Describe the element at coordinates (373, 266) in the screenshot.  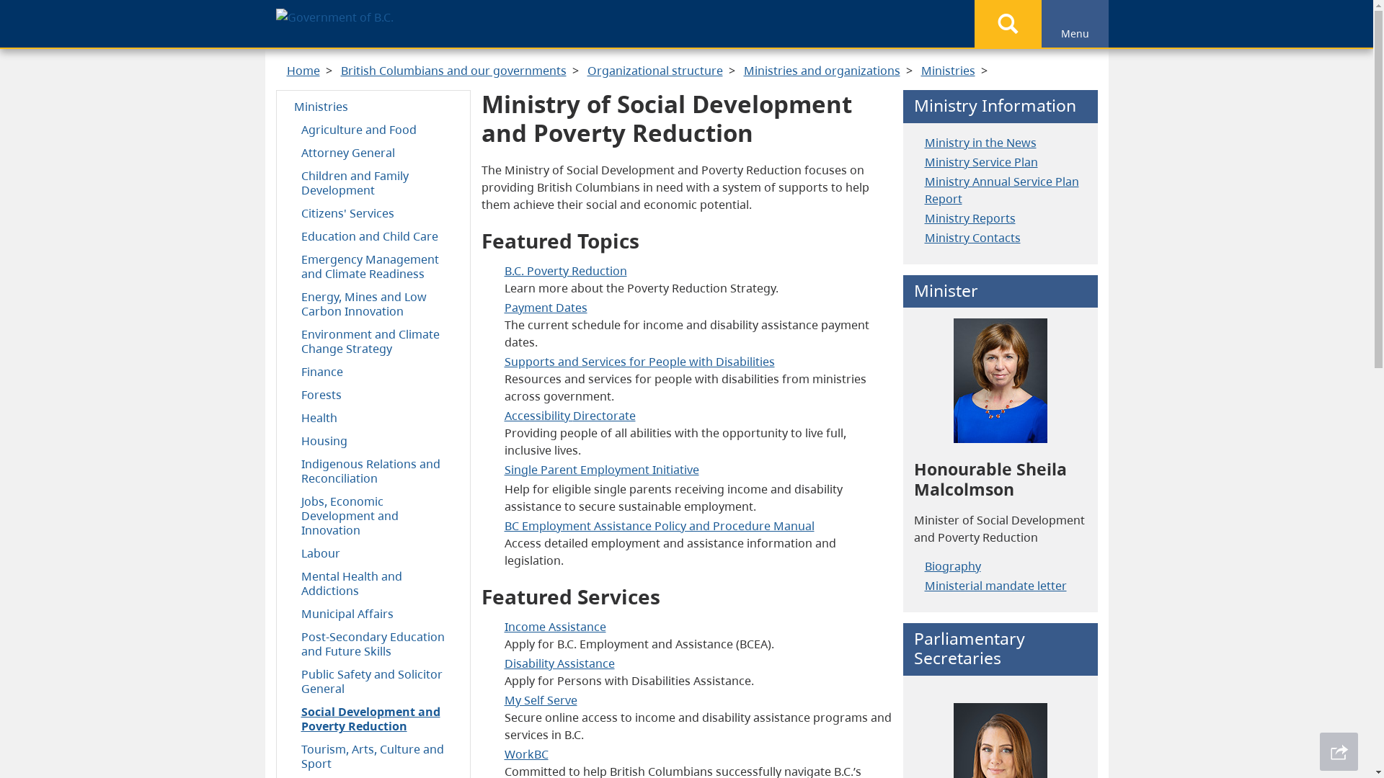
I see `'Emergency Management and Climate Readiness'` at that location.